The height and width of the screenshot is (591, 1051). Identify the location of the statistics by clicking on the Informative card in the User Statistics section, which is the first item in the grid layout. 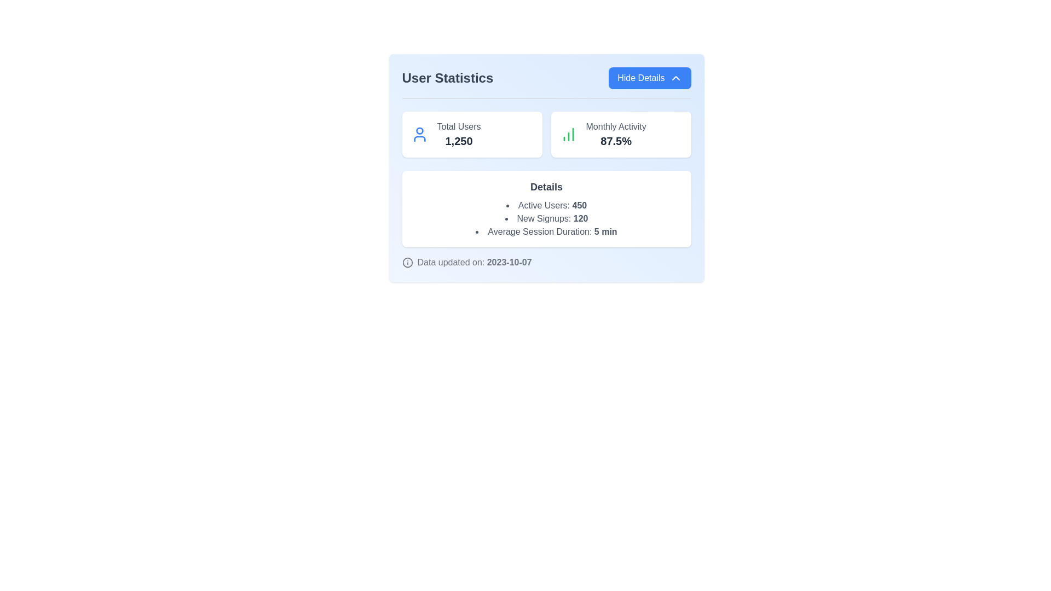
(472, 134).